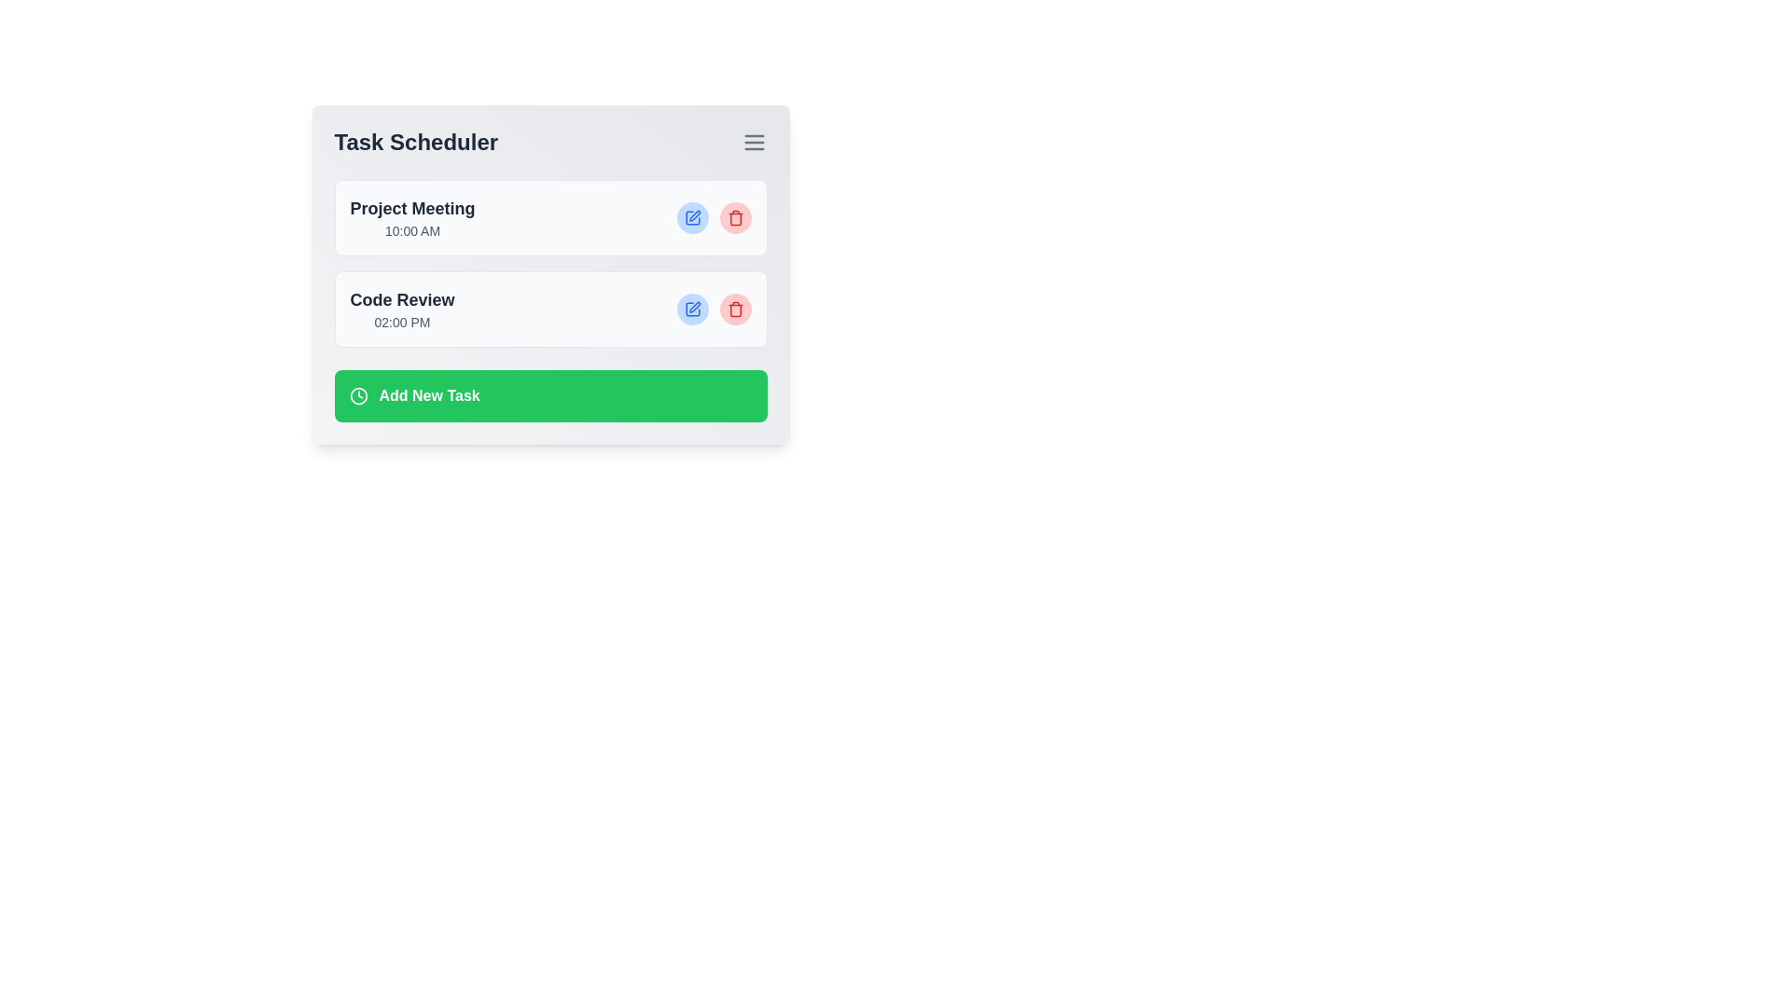 This screenshot has width=1791, height=1007. Describe the element at coordinates (411, 208) in the screenshot. I see `text label that serves as the title of a scheduled task, located above the '10:00 AM' element in the task scheduler interface` at that location.